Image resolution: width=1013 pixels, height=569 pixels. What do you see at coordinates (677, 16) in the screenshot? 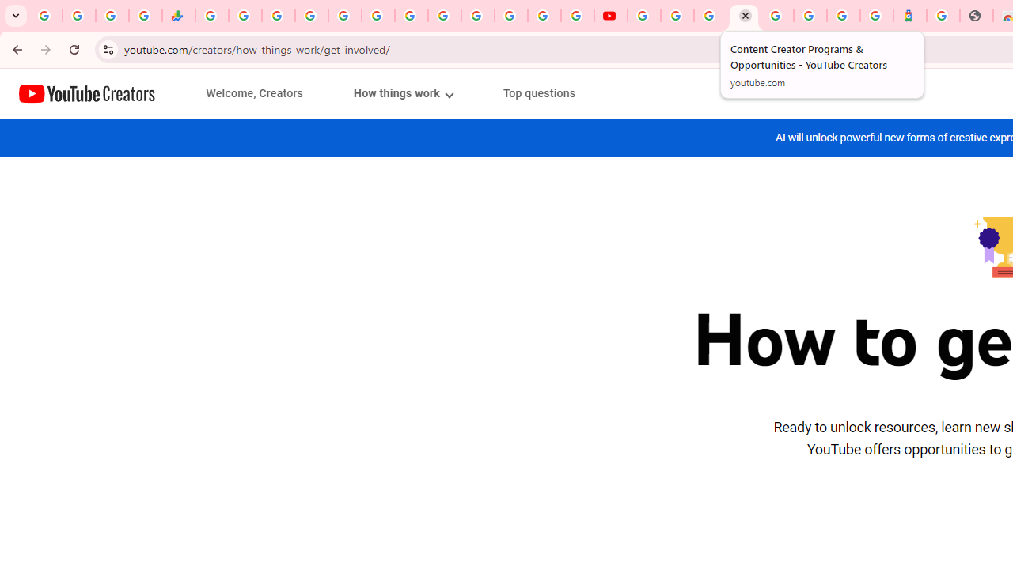
I see `'Google Account Help'` at bounding box center [677, 16].